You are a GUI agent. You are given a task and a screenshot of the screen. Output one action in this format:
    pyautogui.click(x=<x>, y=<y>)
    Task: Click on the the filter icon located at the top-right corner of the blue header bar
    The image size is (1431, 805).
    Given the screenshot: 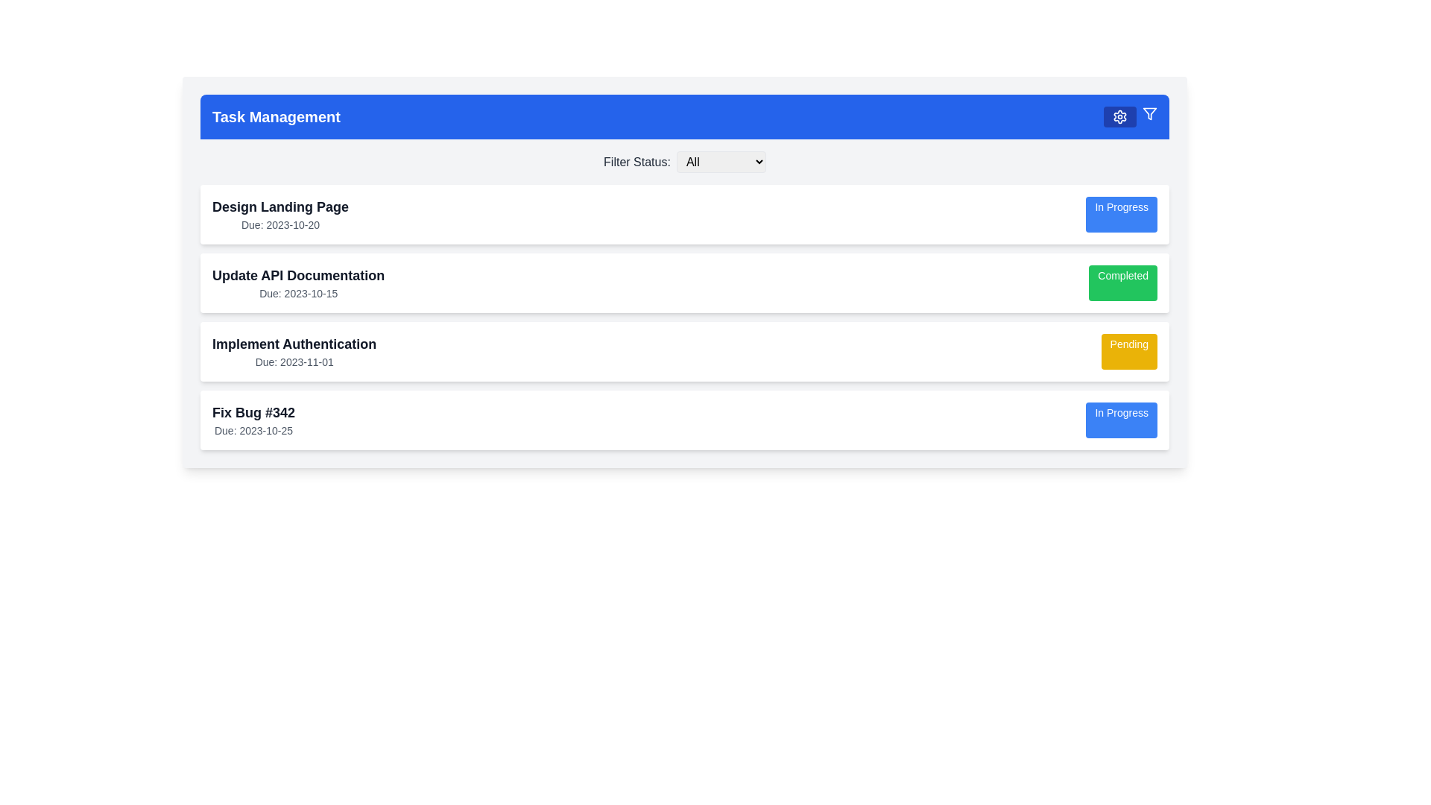 What is the action you would take?
    pyautogui.click(x=1149, y=113)
    